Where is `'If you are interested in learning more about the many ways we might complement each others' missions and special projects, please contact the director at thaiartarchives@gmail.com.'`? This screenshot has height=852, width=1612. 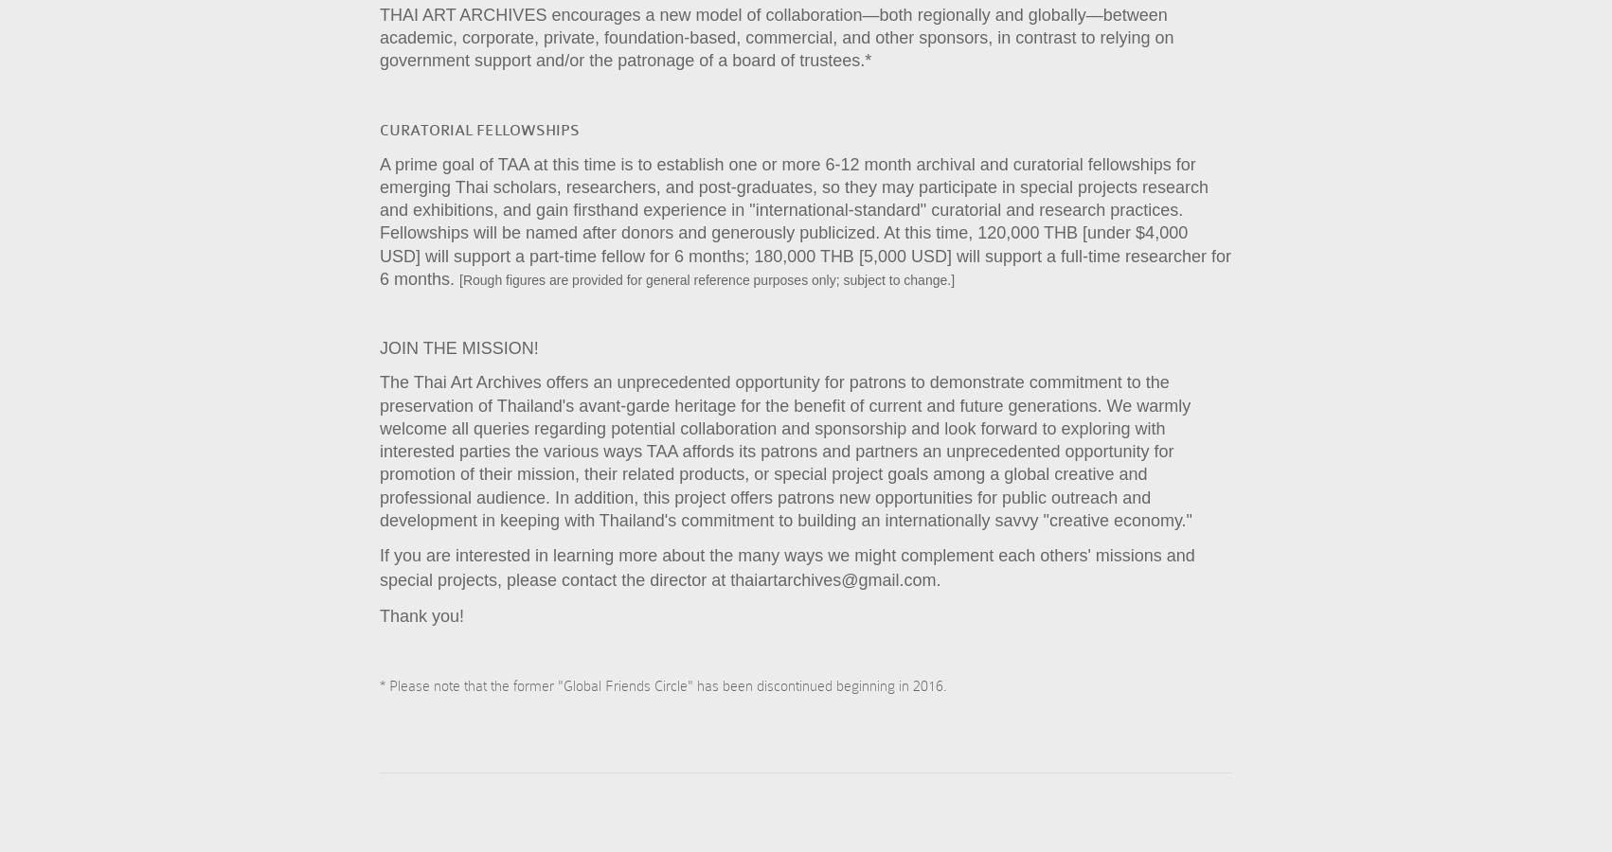
'If you are interested in learning more about the many ways we might complement each others' missions and special projects, please contact the director at thaiartarchives@gmail.com.' is located at coordinates (785, 568).